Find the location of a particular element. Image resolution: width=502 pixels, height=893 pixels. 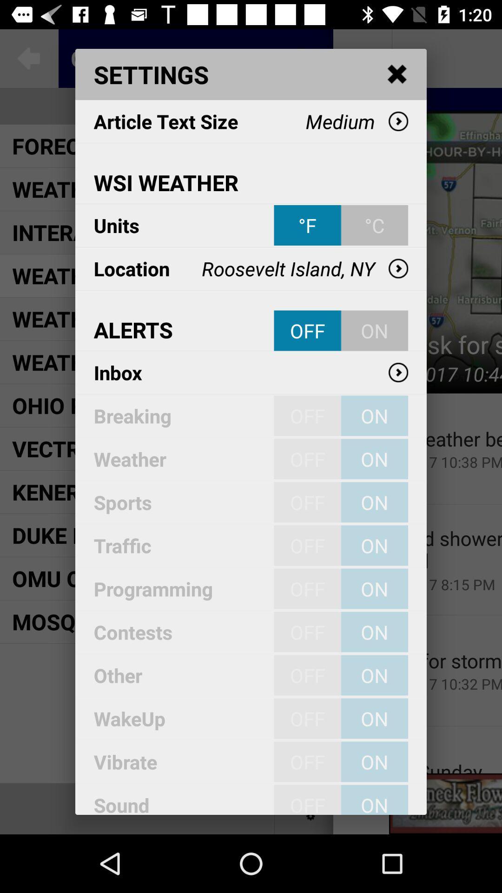

settings is located at coordinates (397, 74).